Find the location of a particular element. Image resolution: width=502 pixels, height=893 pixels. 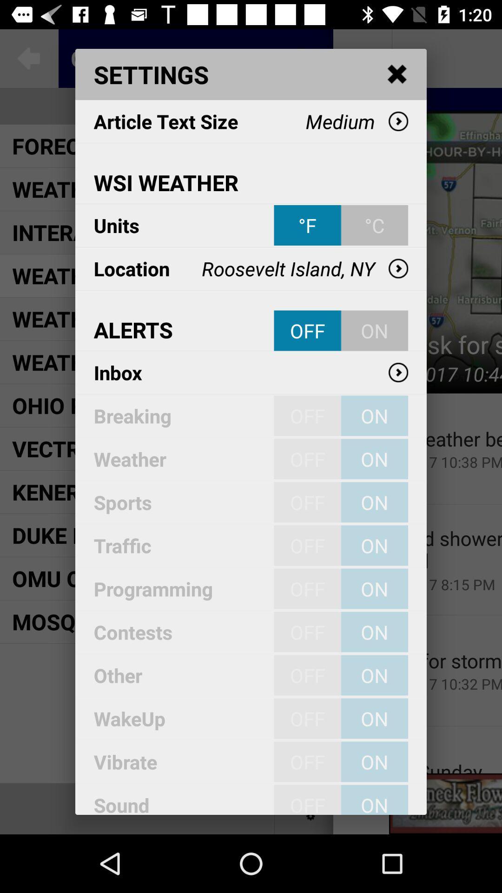

settings is located at coordinates (397, 74).